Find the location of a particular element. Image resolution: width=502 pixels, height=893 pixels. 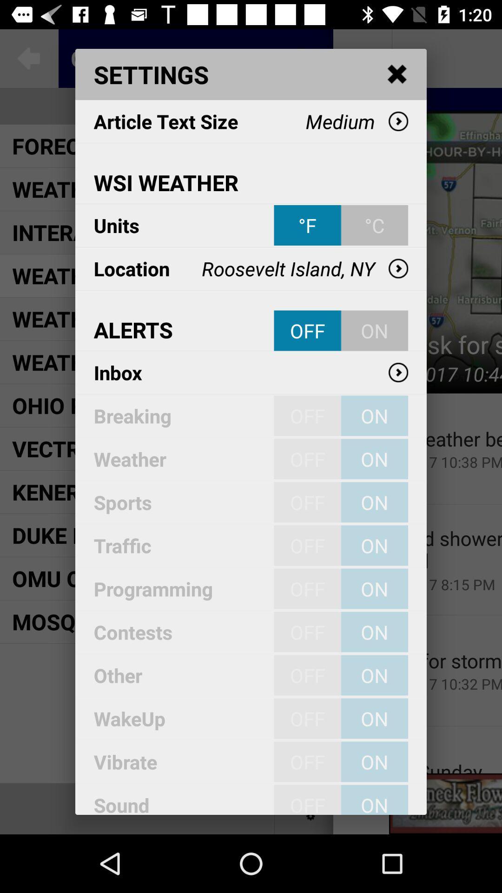

settings is located at coordinates (397, 74).